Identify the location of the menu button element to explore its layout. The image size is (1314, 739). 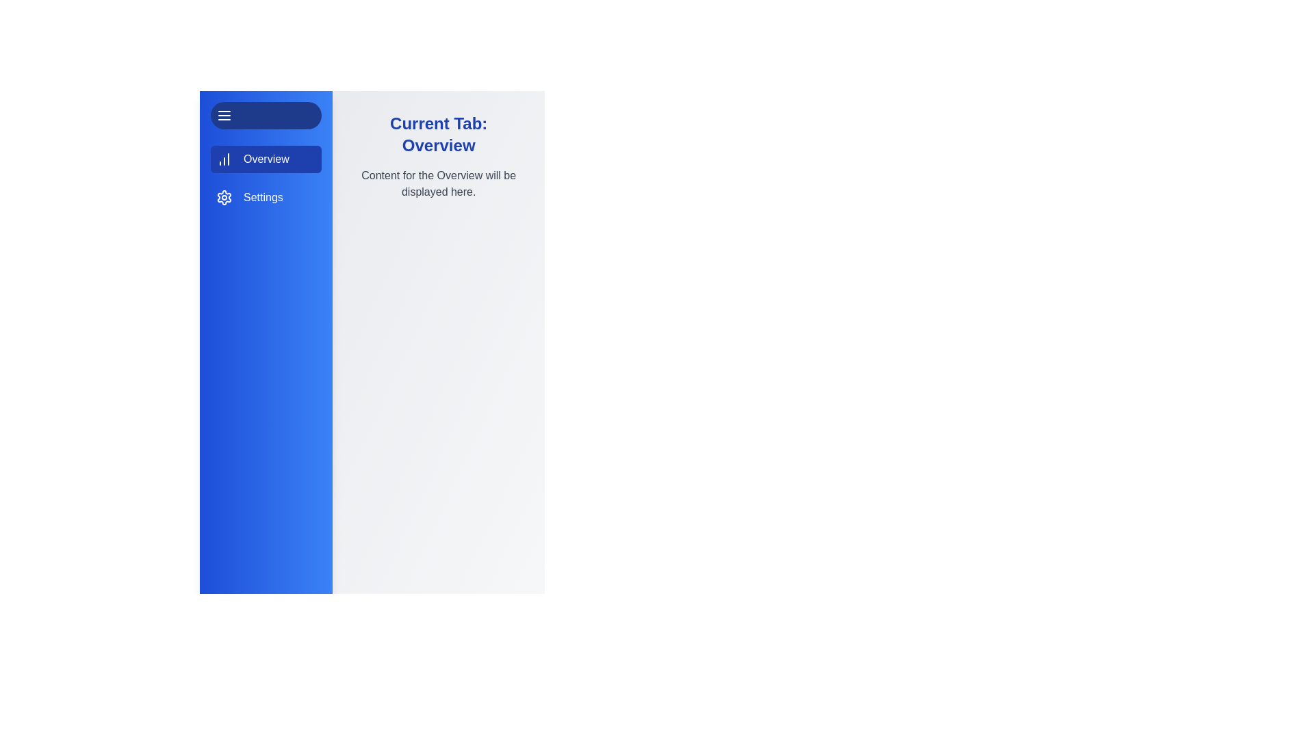
(266, 115).